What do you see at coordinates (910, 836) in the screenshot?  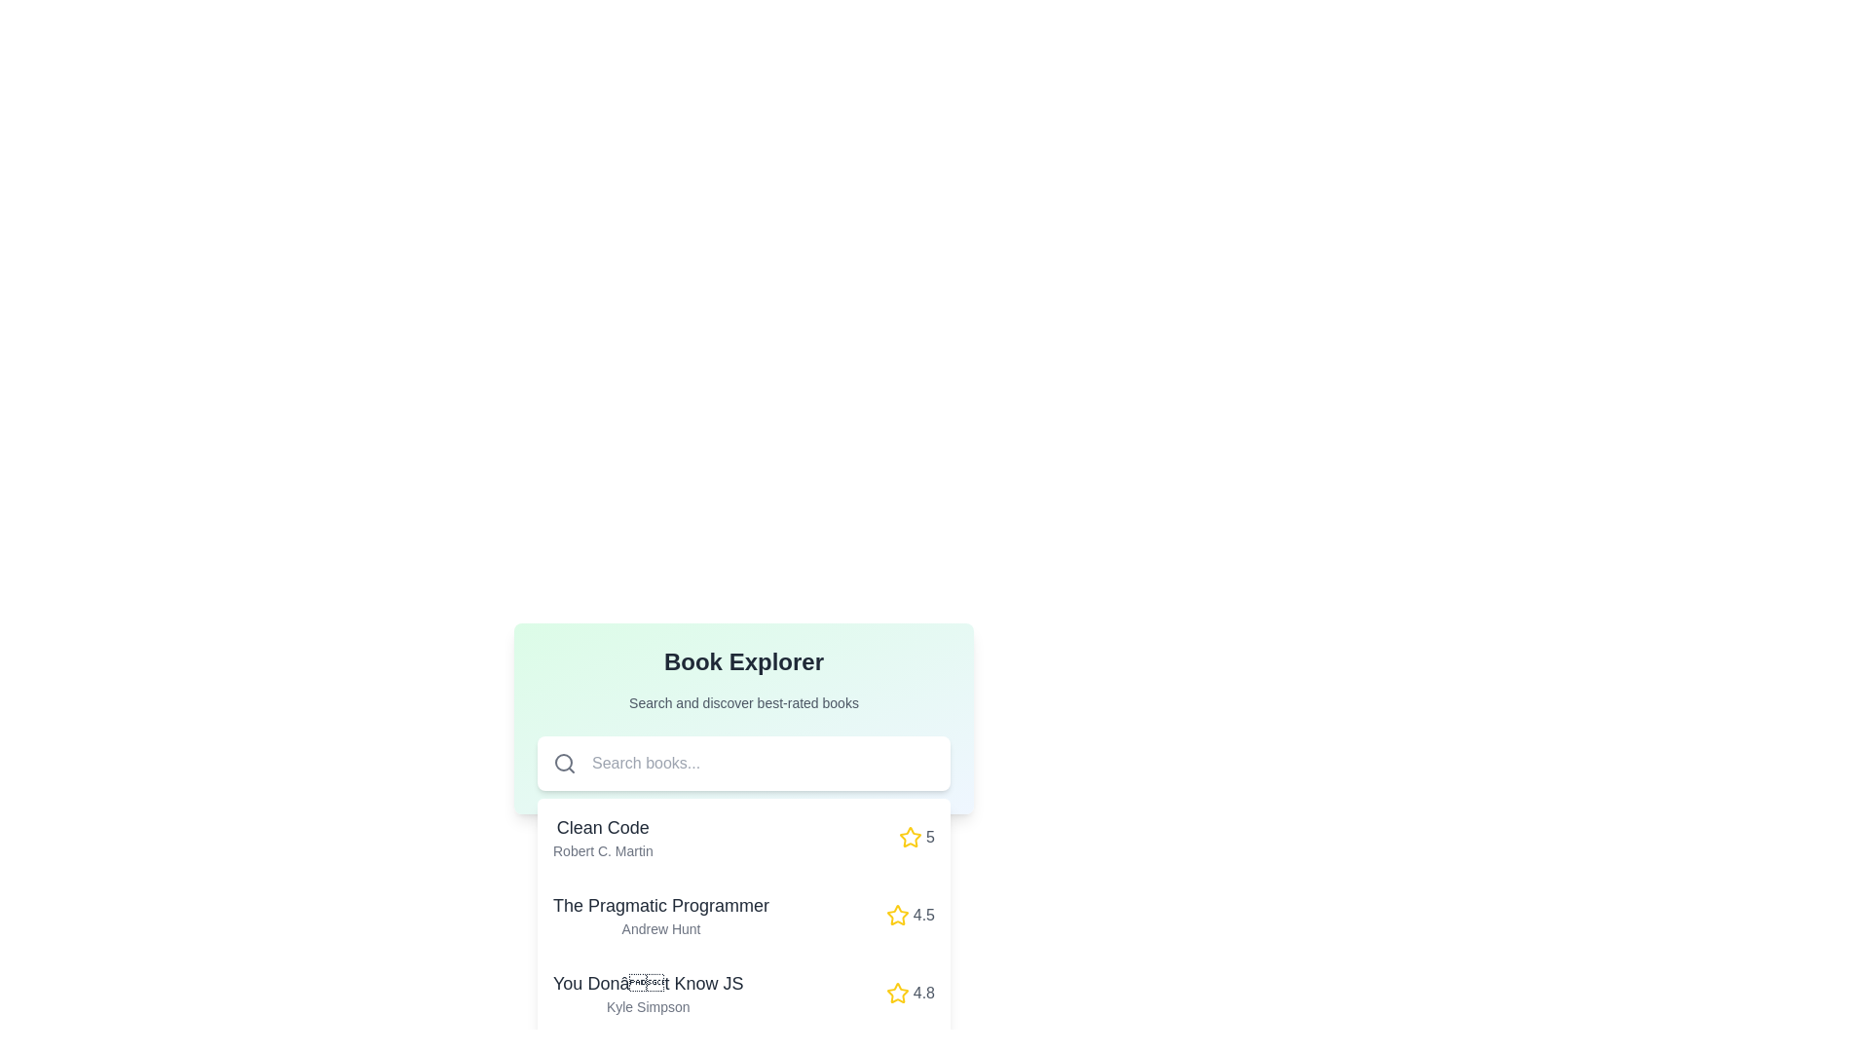 I see `the star icon used for rating the book 'Clean Code', located near its title in the book list` at bounding box center [910, 836].